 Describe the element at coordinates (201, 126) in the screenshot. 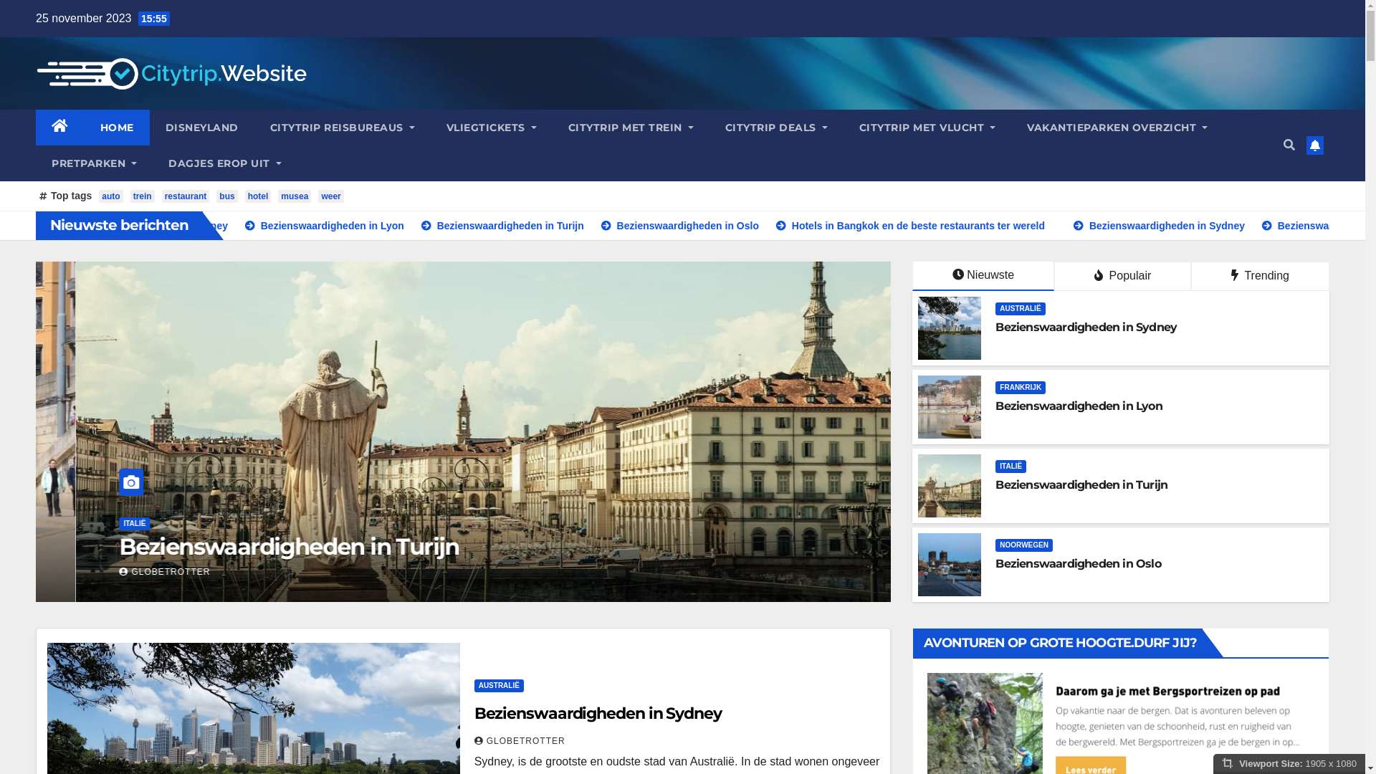

I see `'DISNEYLAND'` at that location.